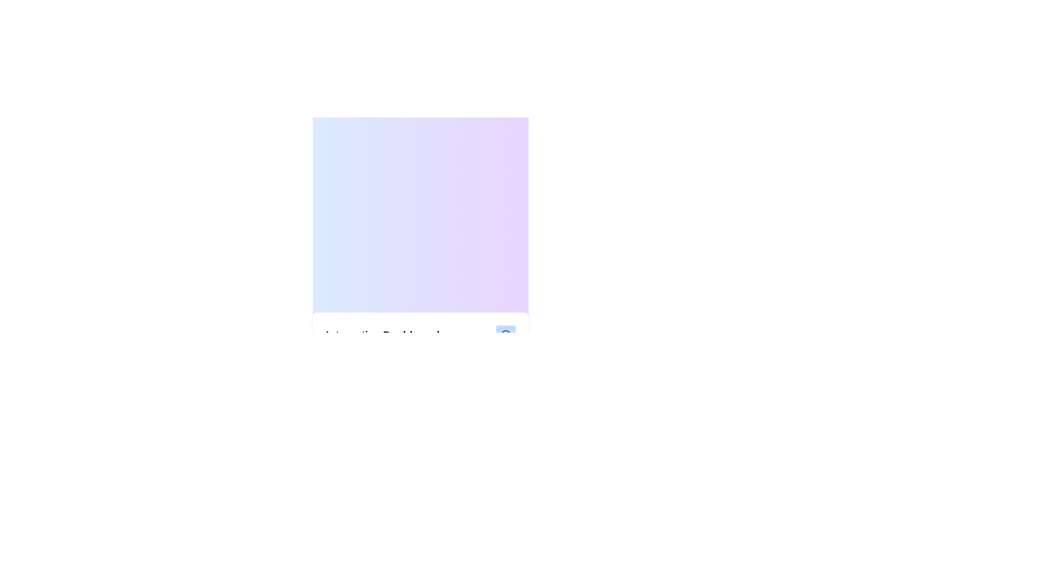  What do you see at coordinates (505, 334) in the screenshot?
I see `the circular blue button with a dark blue info icon located at the right side of the header section in the 'Interactive Dashboard'` at bounding box center [505, 334].